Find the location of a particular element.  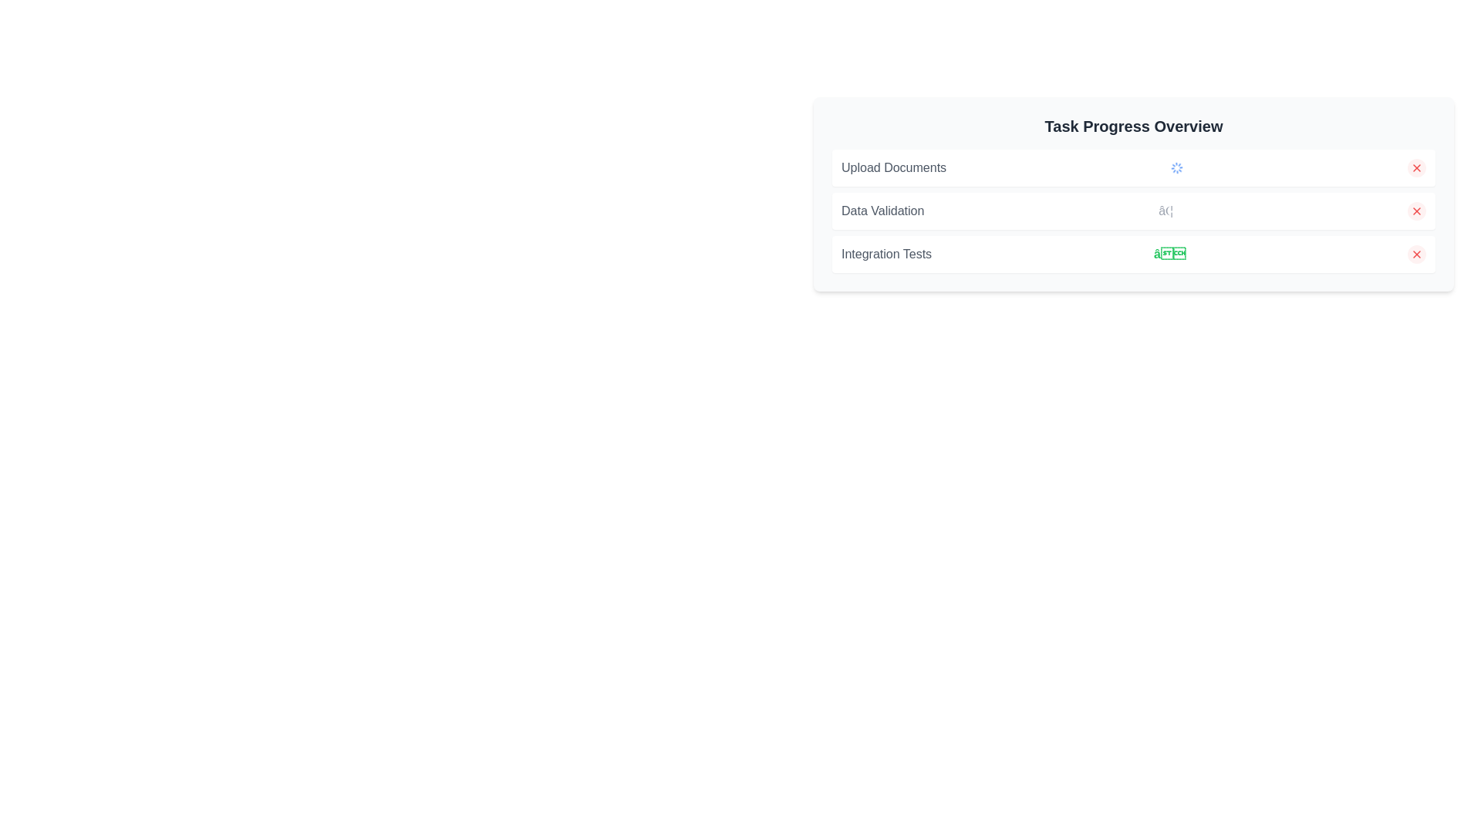

the static text label displaying 'Integration Tests' located in the third row of the 'Task Progress Overview' card is located at coordinates (886, 254).